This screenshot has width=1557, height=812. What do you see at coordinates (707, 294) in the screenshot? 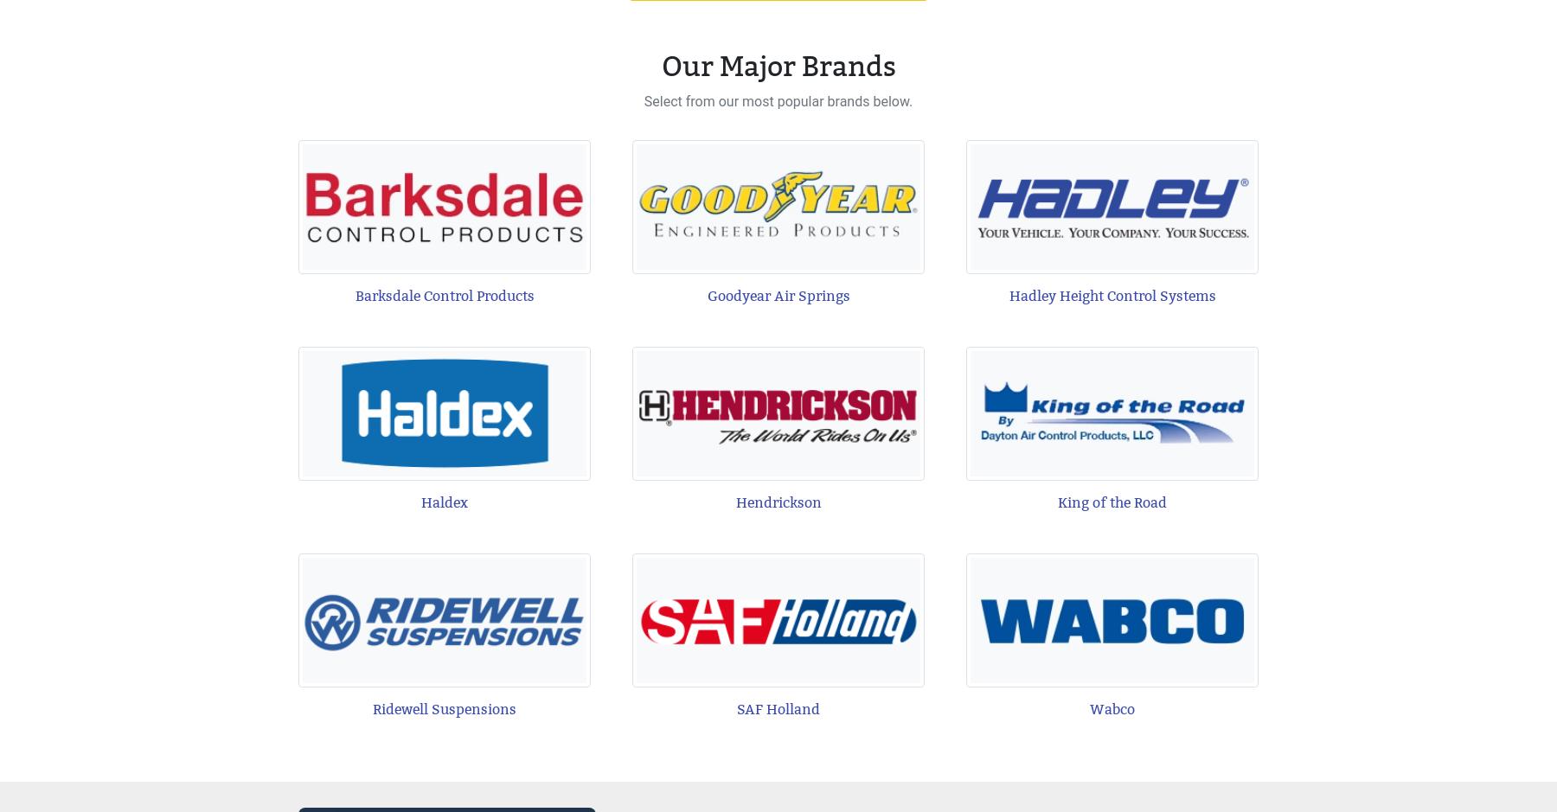
I see `'Goodyear Air Springs'` at bounding box center [707, 294].